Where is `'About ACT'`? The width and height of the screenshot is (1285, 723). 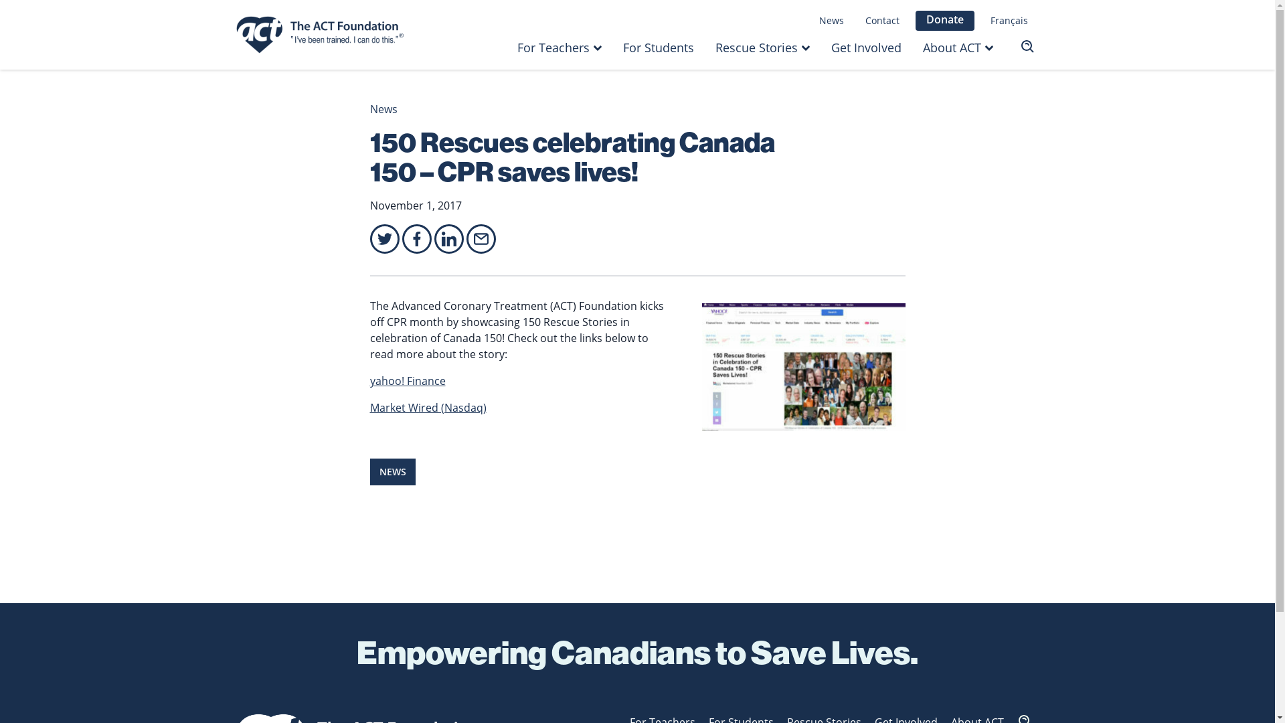 'About ACT' is located at coordinates (951, 46).